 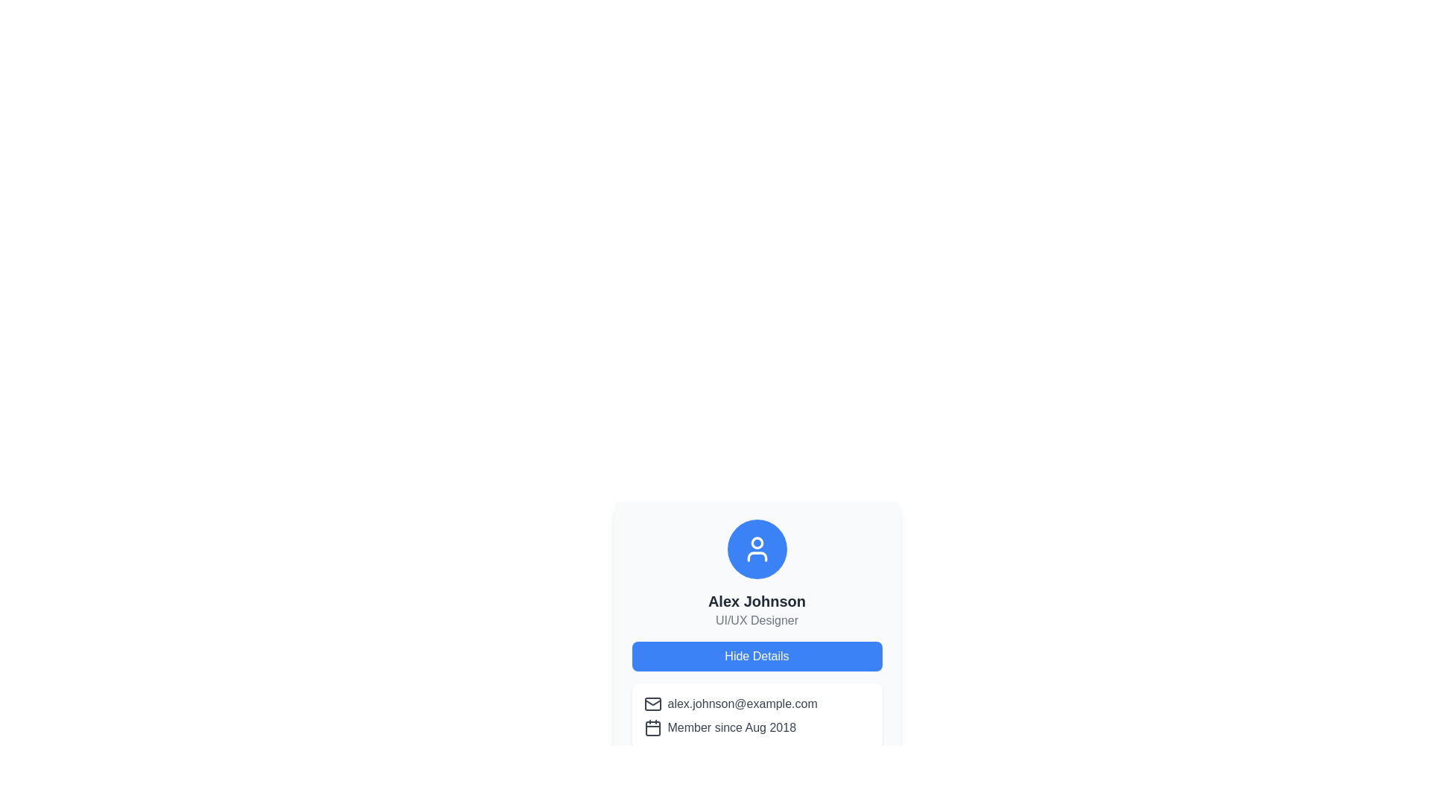 What do you see at coordinates (652, 703) in the screenshot?
I see `the envelope-shaped icon representing email, located next to the email address 'alex.johnson@example.com'` at bounding box center [652, 703].